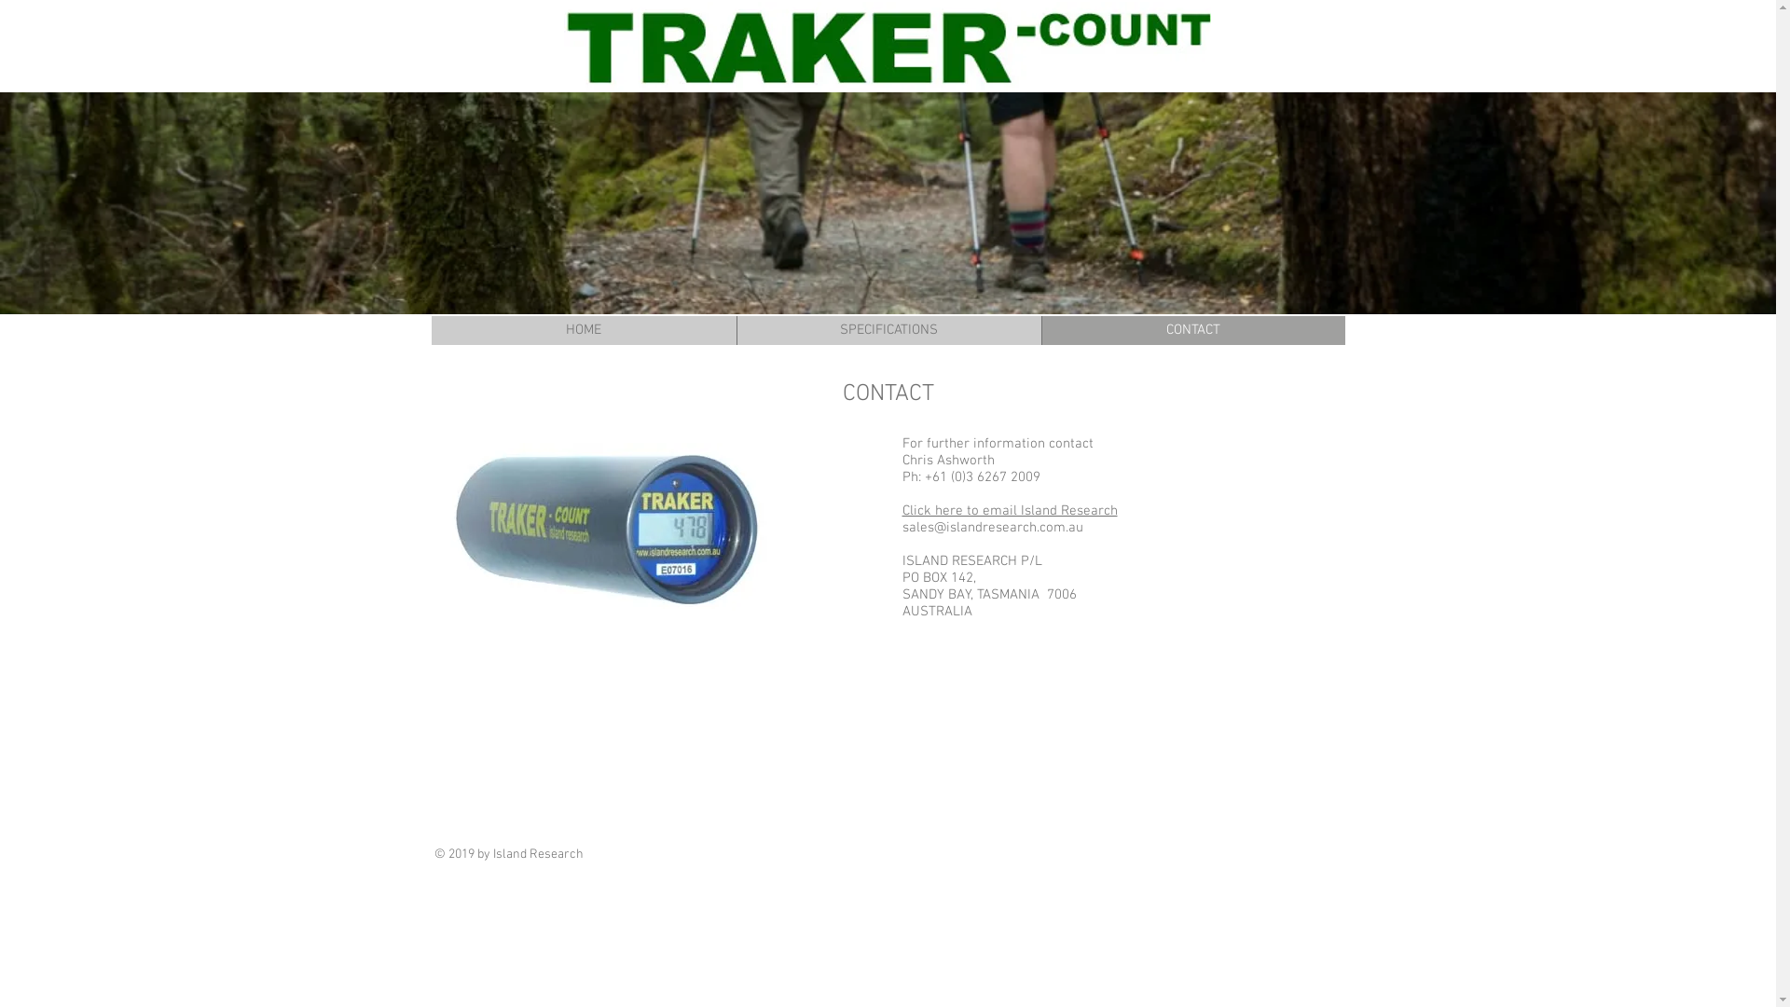  I want to click on 'Click here to email Island Research', so click(902, 510).